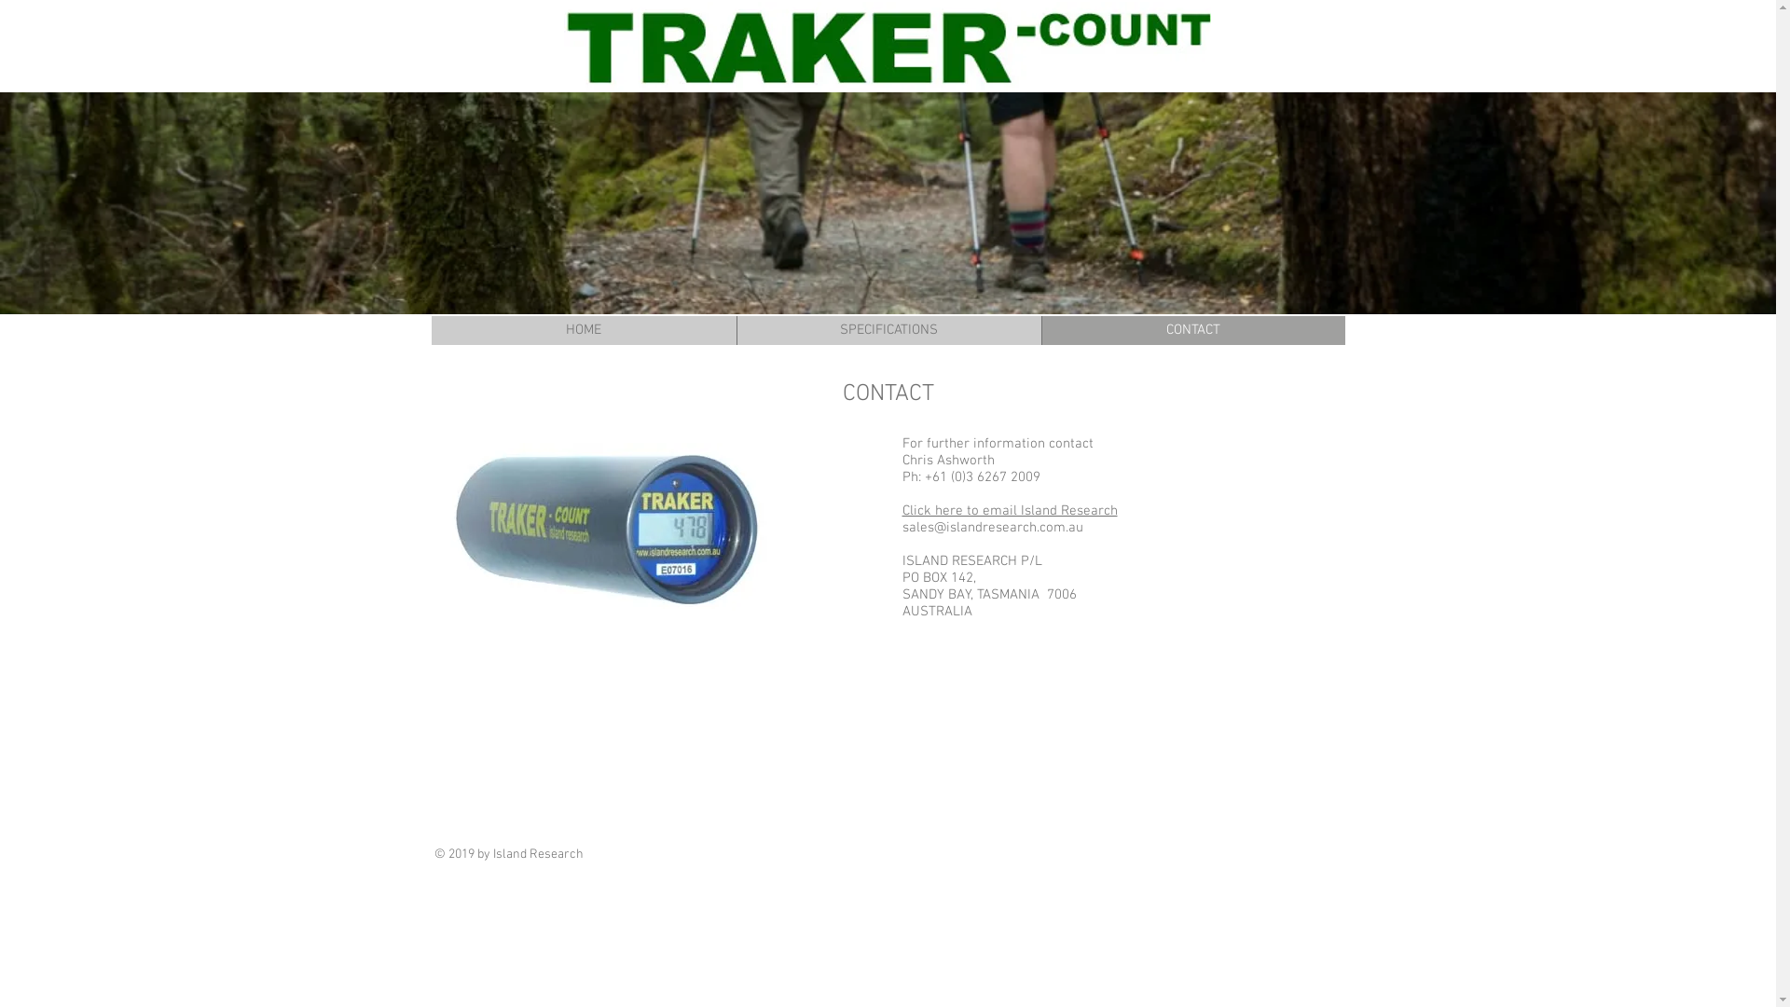  I want to click on 'Click here to email Island Research', so click(902, 510).